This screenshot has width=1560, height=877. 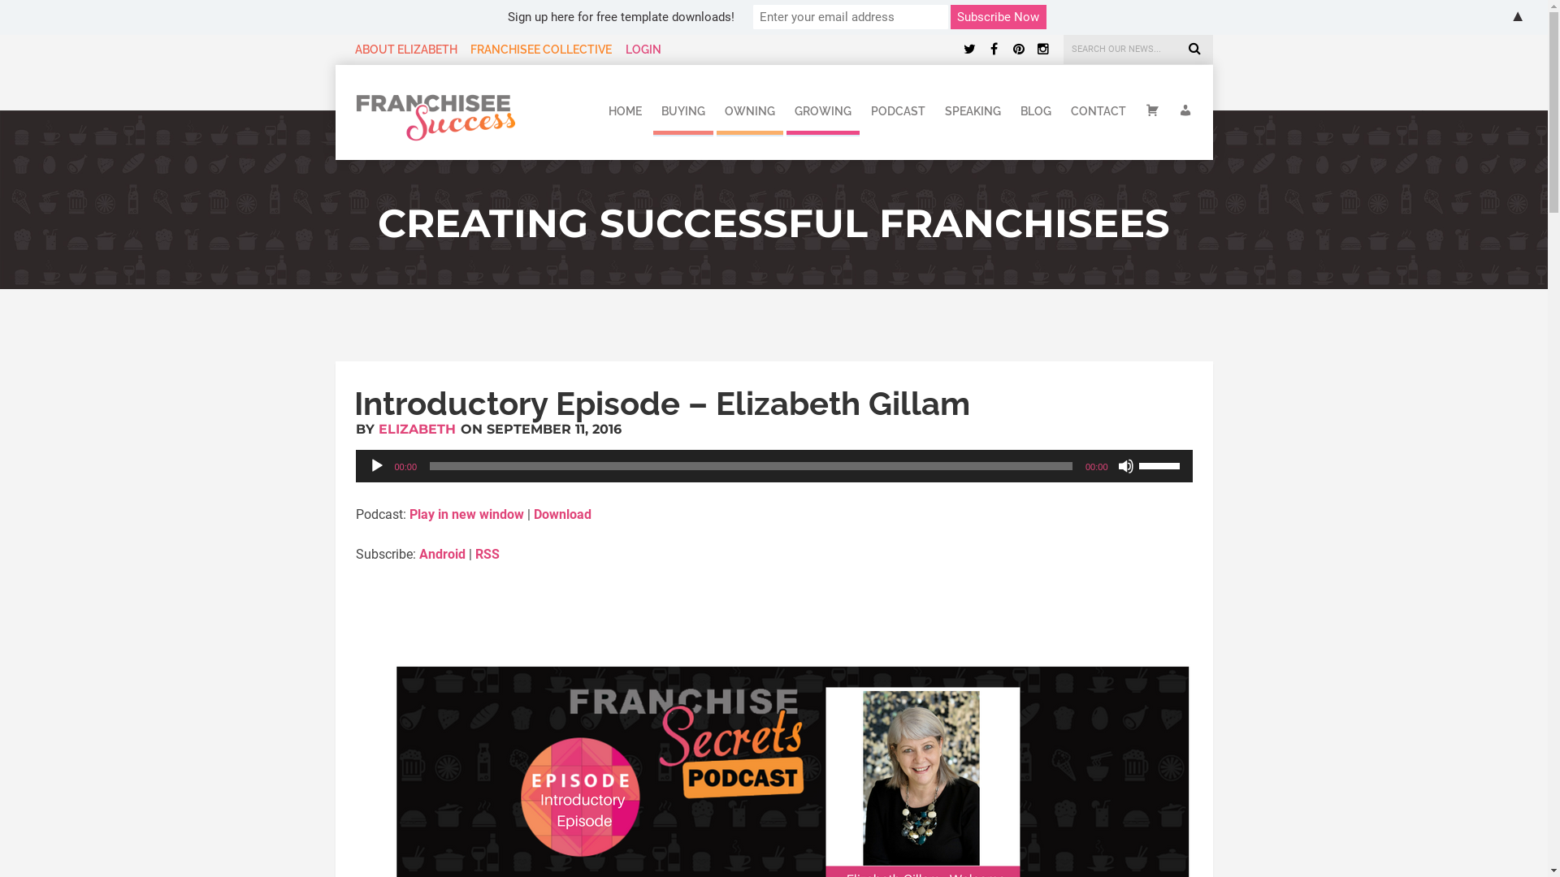 What do you see at coordinates (442, 553) in the screenshot?
I see `'Android'` at bounding box center [442, 553].